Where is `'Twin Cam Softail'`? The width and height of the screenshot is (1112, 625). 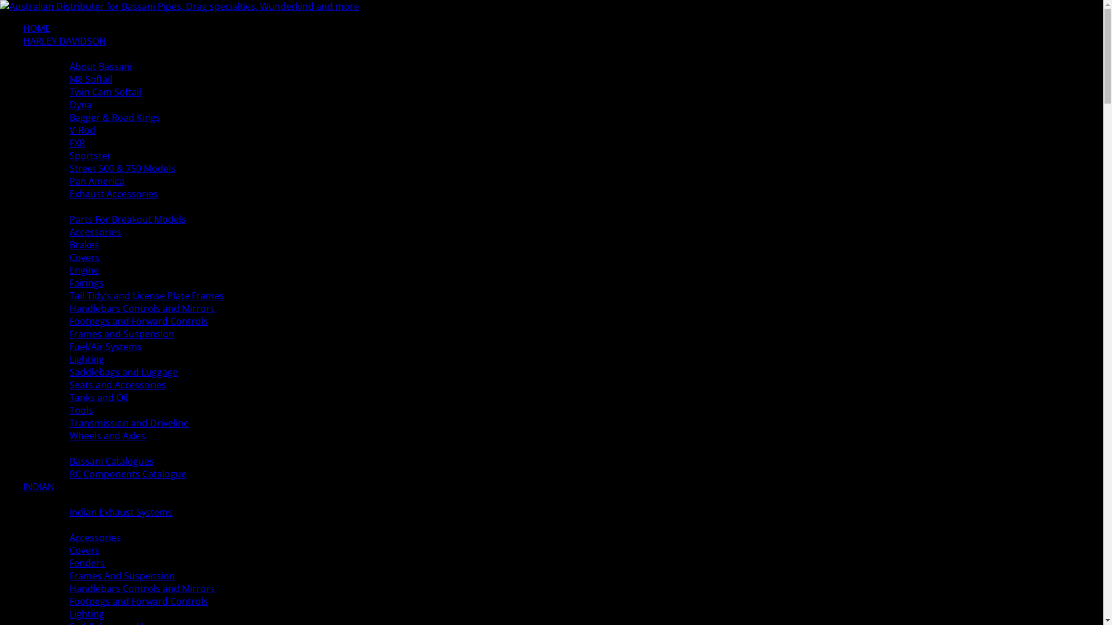
'Twin Cam Softail' is located at coordinates (69, 91).